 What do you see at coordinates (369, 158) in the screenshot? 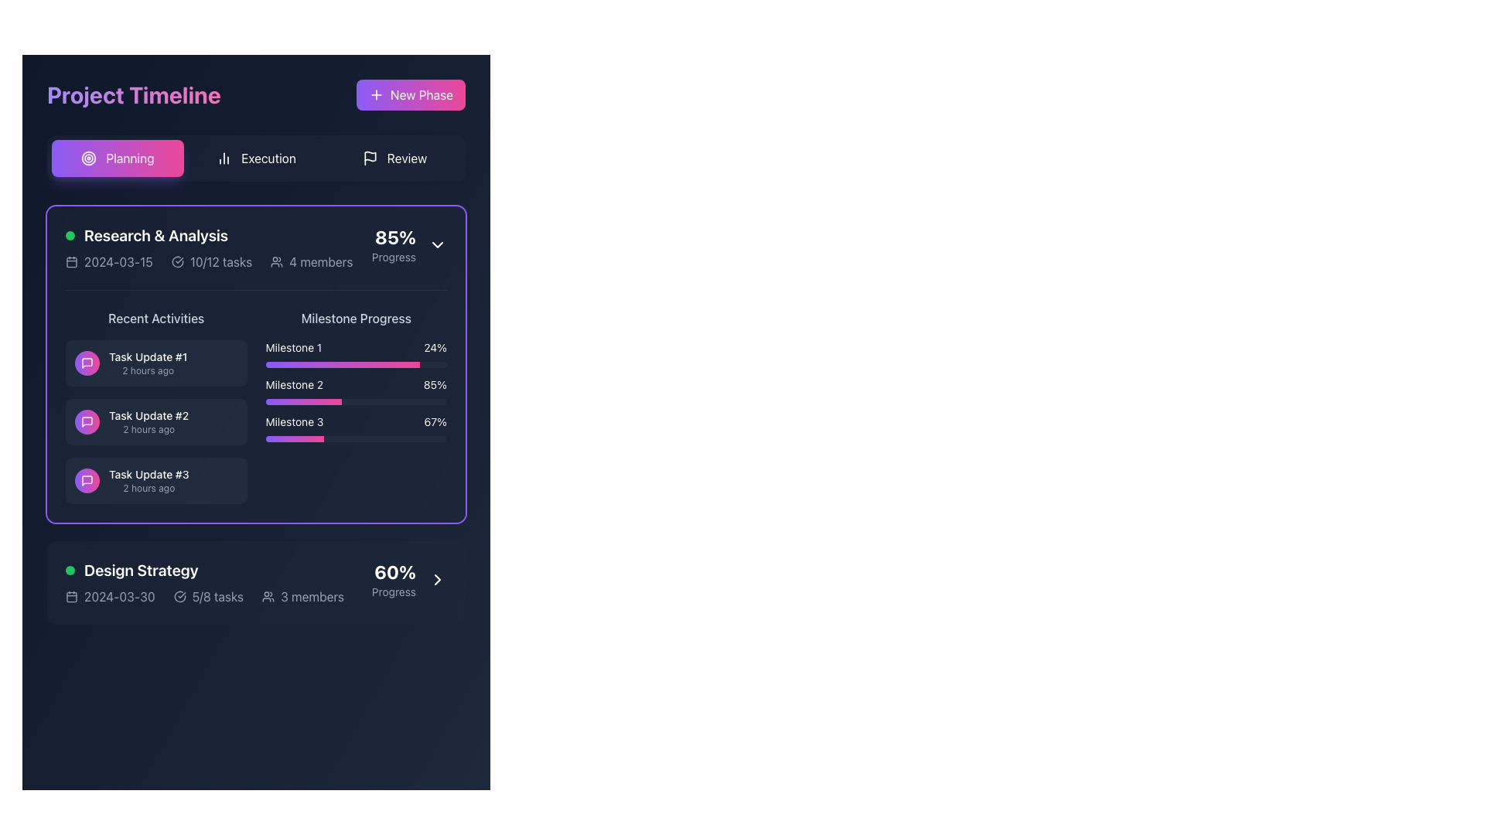
I see `the 'Review' section icon located in the top navigation bar` at bounding box center [369, 158].